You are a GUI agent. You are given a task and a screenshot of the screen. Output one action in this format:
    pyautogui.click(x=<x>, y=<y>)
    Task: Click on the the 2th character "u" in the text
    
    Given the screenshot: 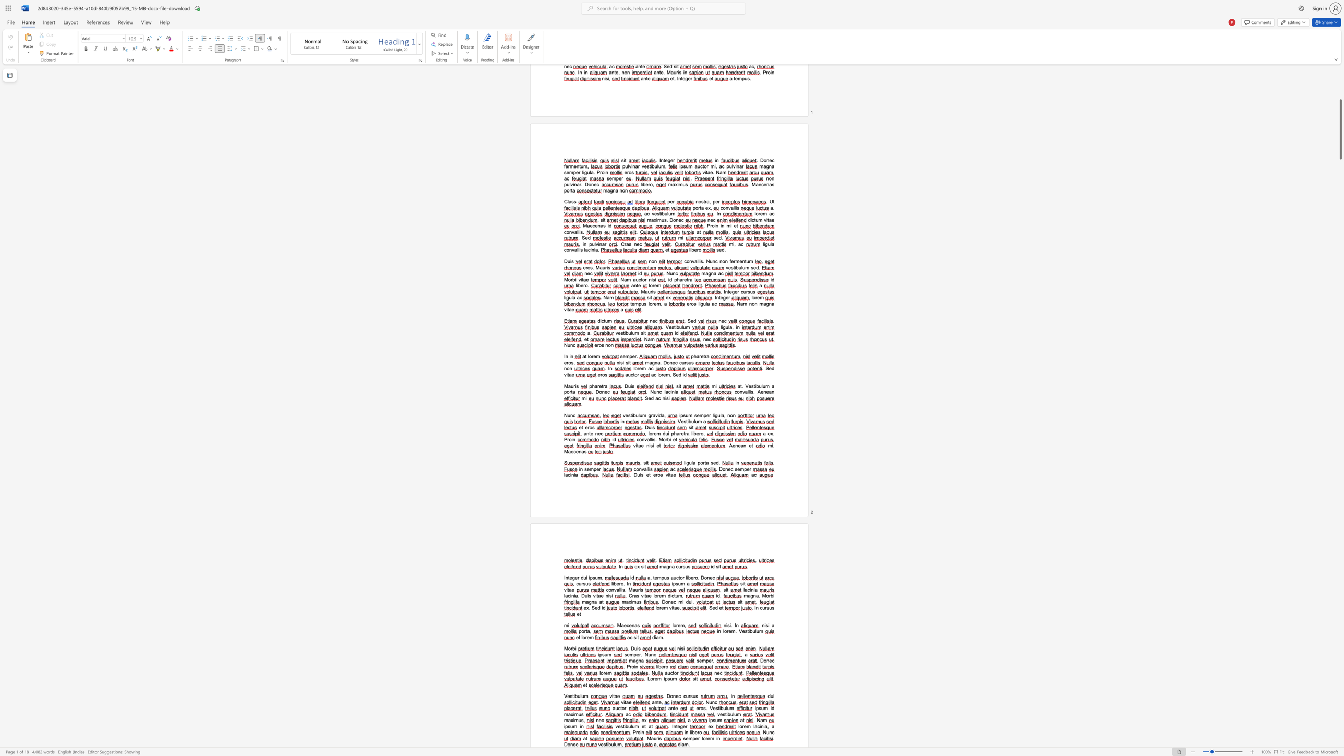 What is the action you would take?
    pyautogui.click(x=616, y=744)
    